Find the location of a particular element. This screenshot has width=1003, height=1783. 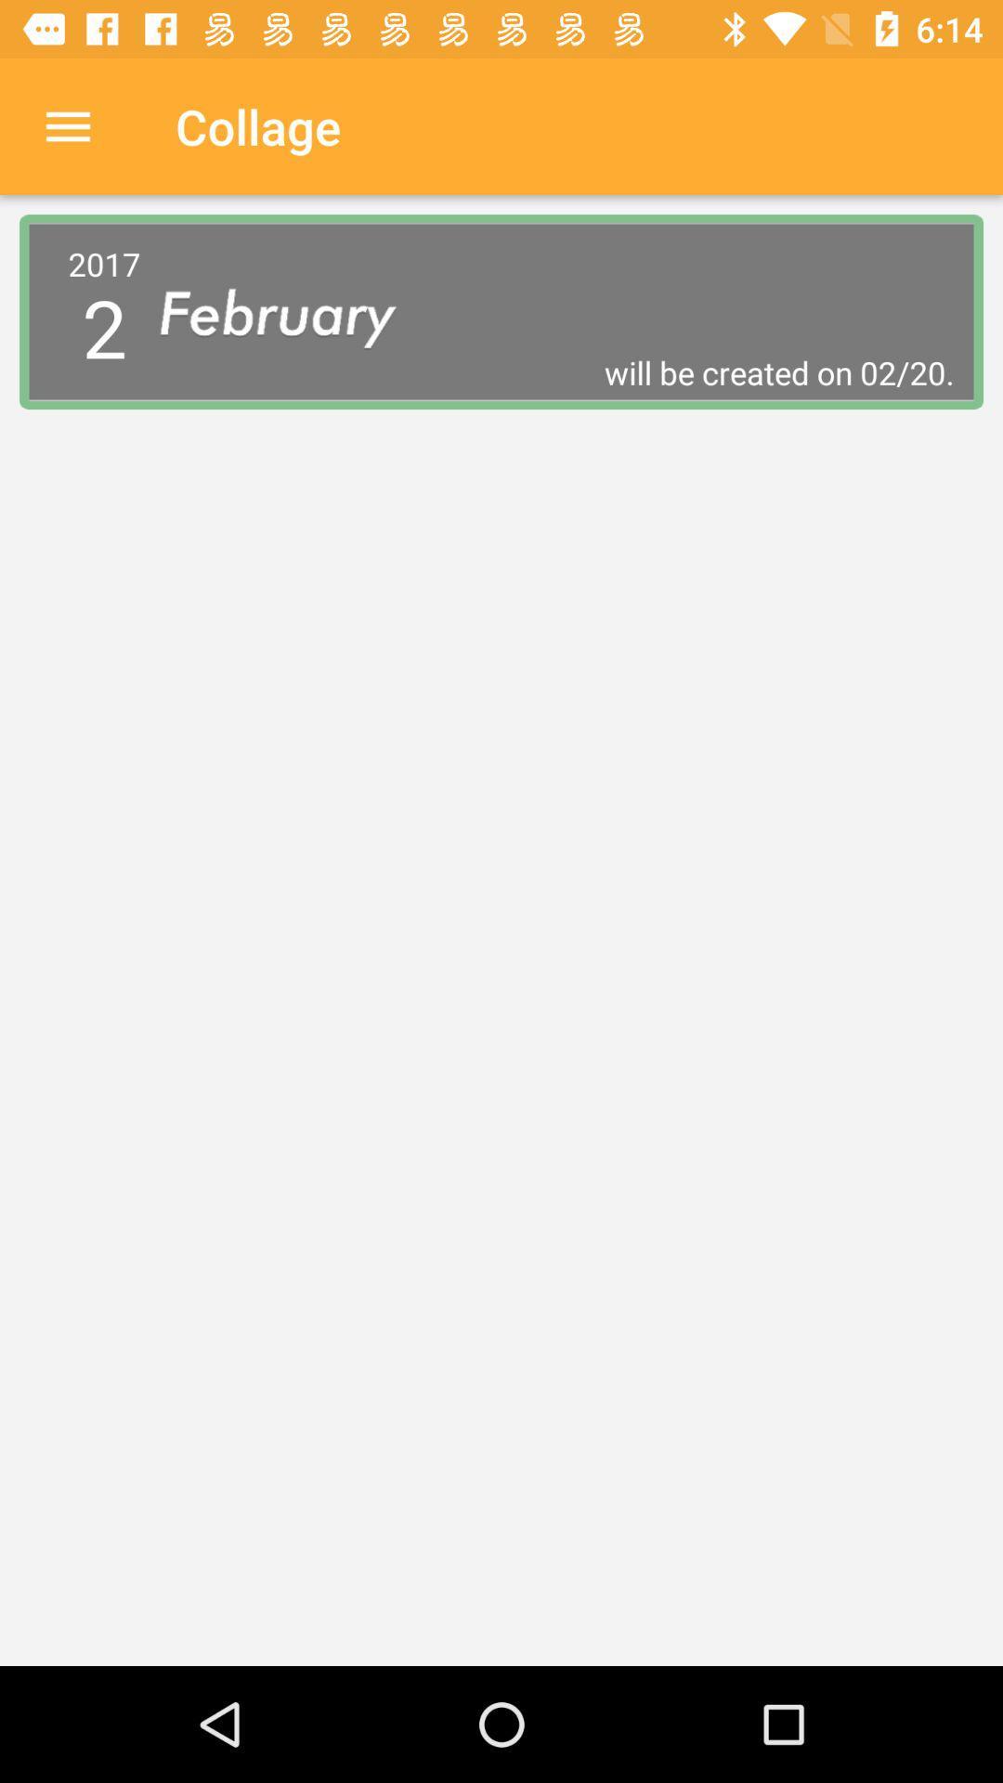

item above will be created icon is located at coordinates (293, 312).